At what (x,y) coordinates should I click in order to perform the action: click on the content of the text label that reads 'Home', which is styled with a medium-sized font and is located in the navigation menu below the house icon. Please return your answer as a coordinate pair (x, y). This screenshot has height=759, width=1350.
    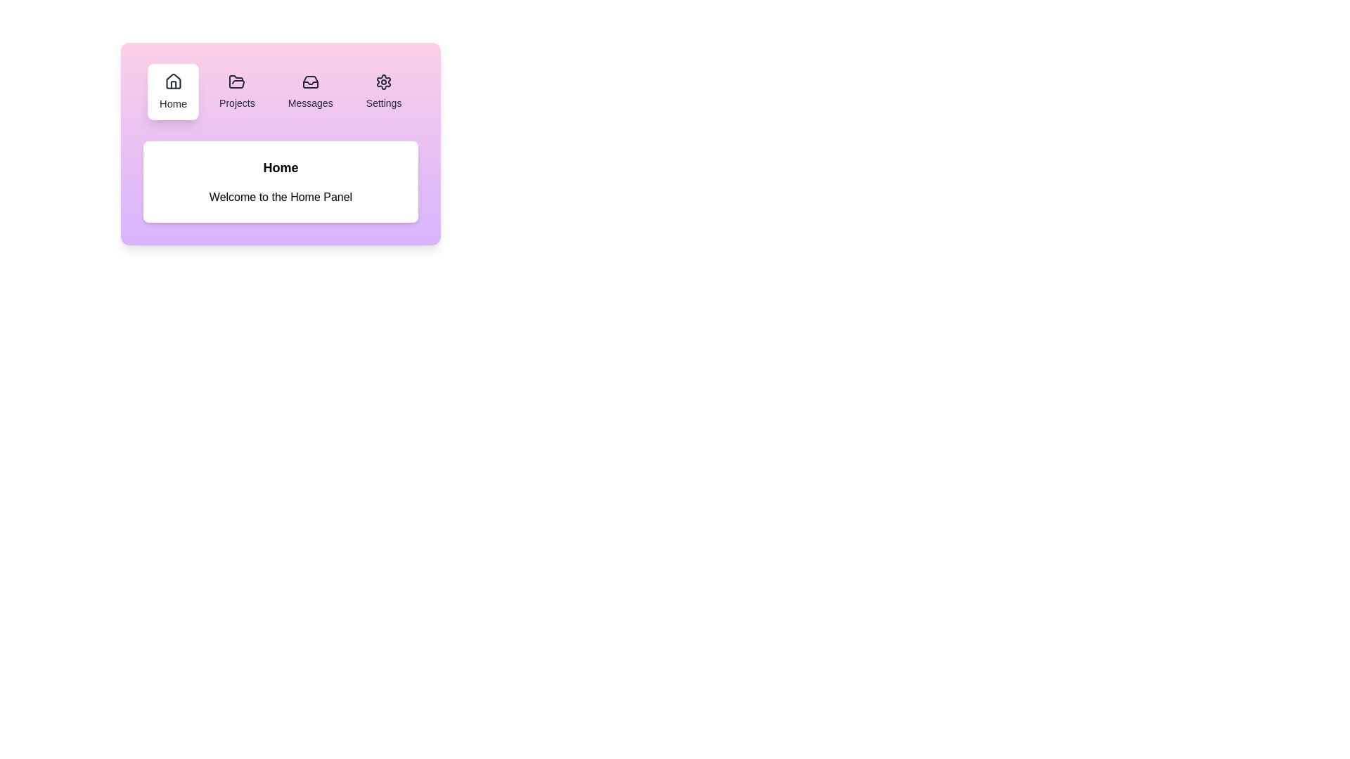
    Looking at the image, I should click on (172, 103).